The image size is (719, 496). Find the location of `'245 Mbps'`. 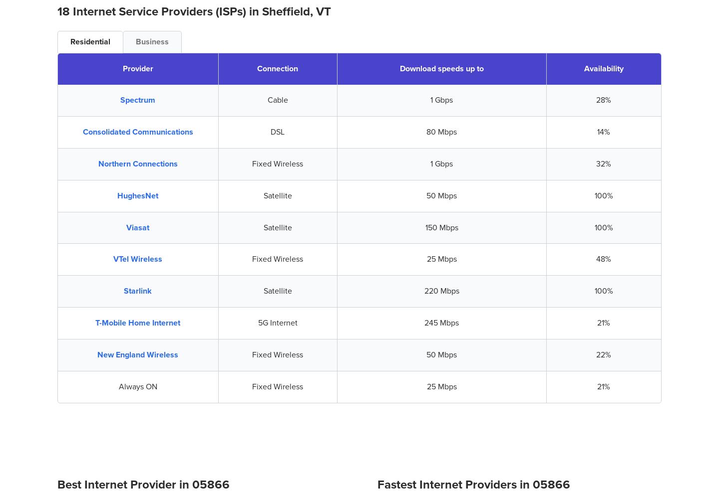

'245 Mbps' is located at coordinates (441, 323).